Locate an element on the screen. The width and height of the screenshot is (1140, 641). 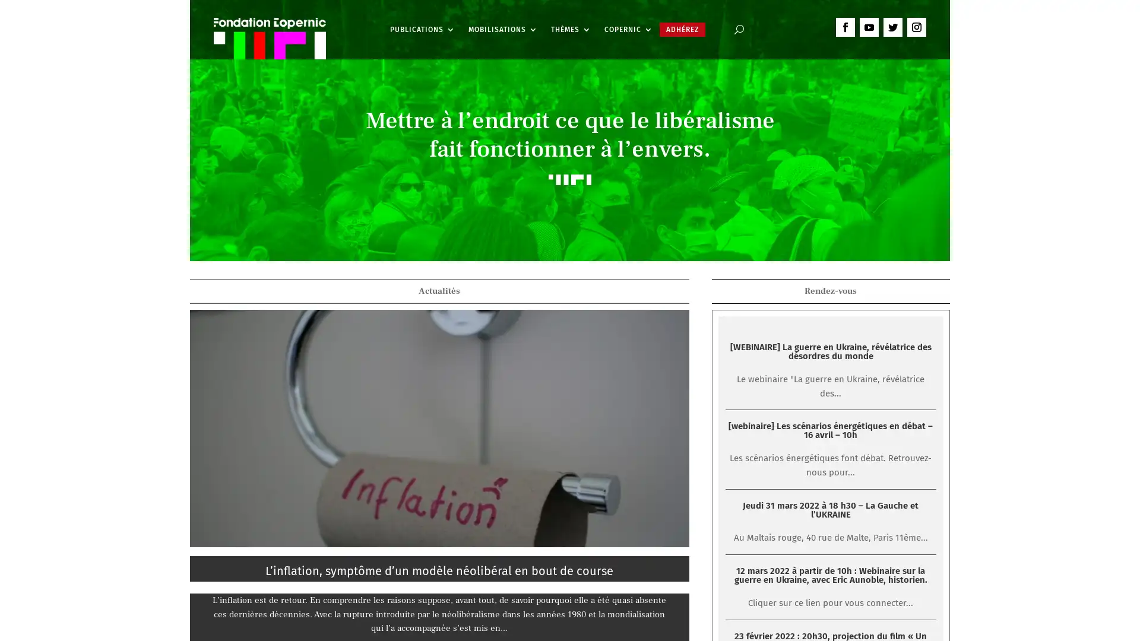
U is located at coordinates (737, 29).